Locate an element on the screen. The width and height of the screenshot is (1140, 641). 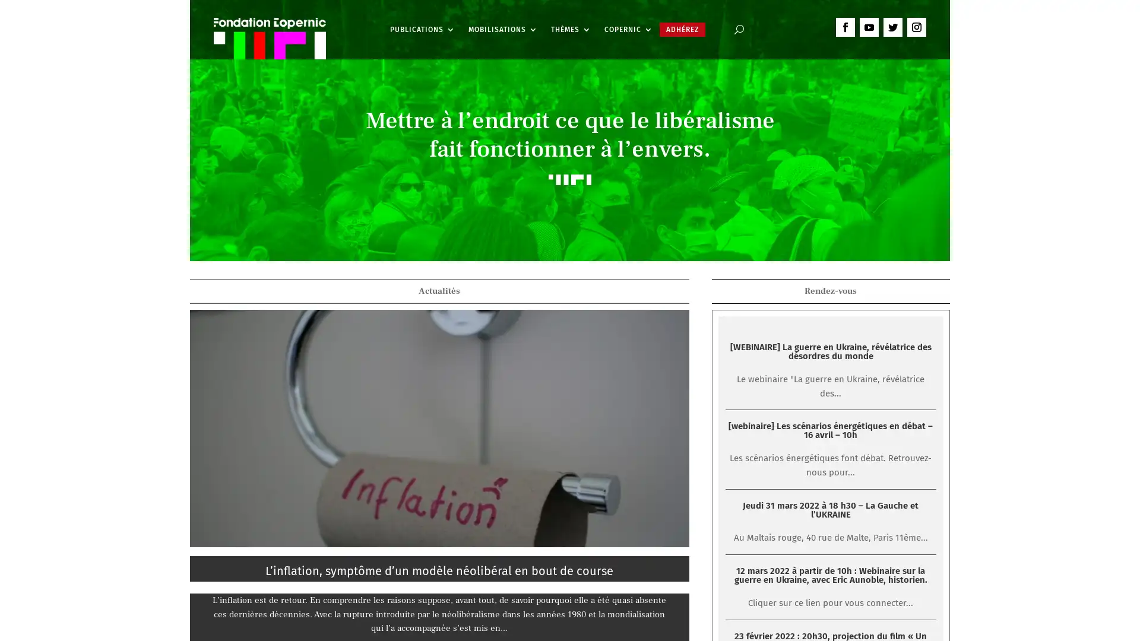
U is located at coordinates (737, 29).